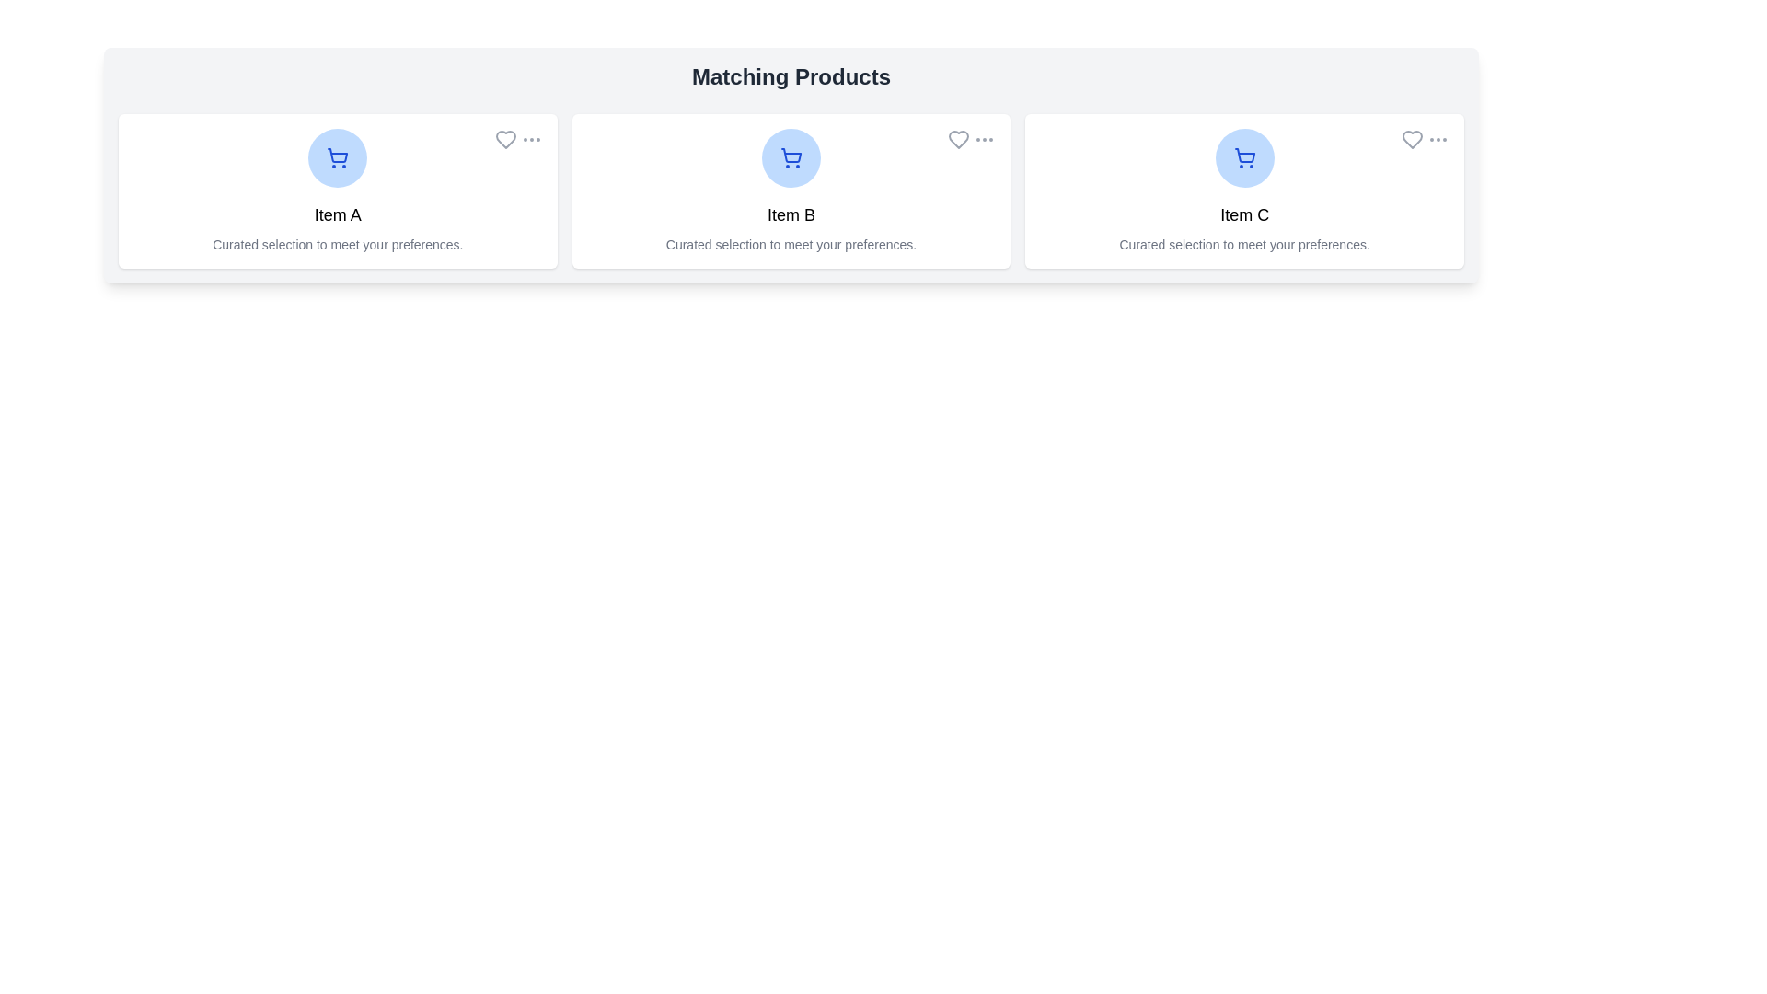  What do you see at coordinates (958, 138) in the screenshot?
I see `the heart button to favorite the product Item B` at bounding box center [958, 138].